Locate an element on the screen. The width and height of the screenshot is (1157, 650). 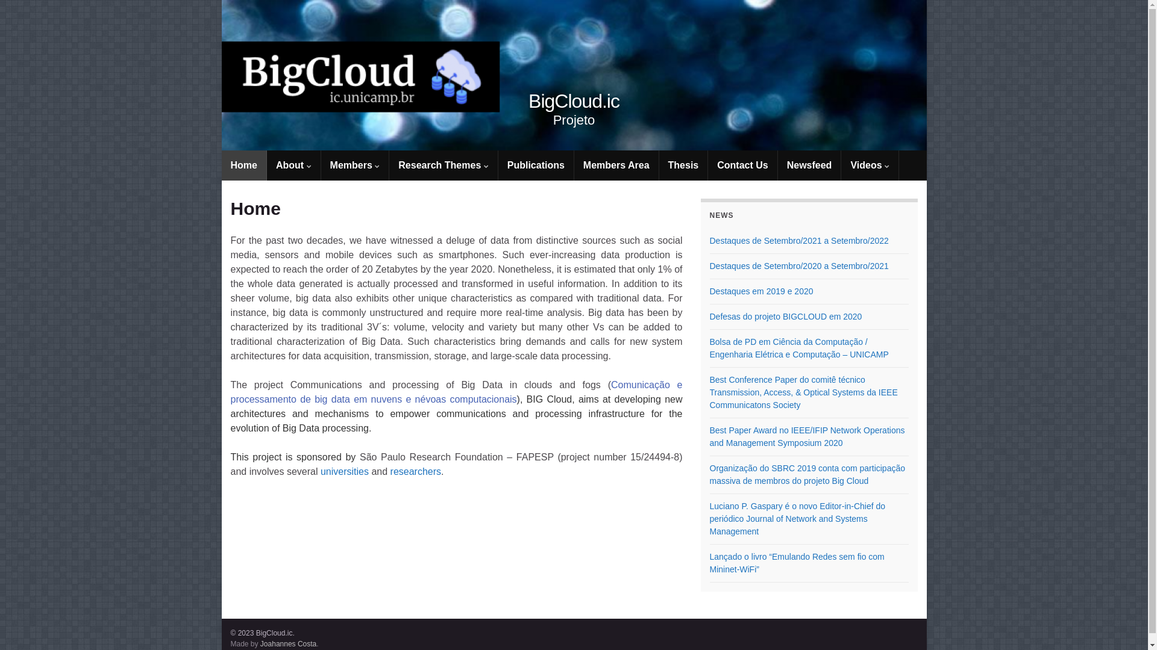
'About' is located at coordinates (293, 165).